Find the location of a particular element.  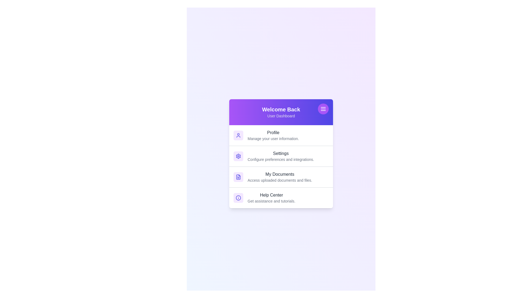

the list item corresponding to Profile is located at coordinates (281, 135).